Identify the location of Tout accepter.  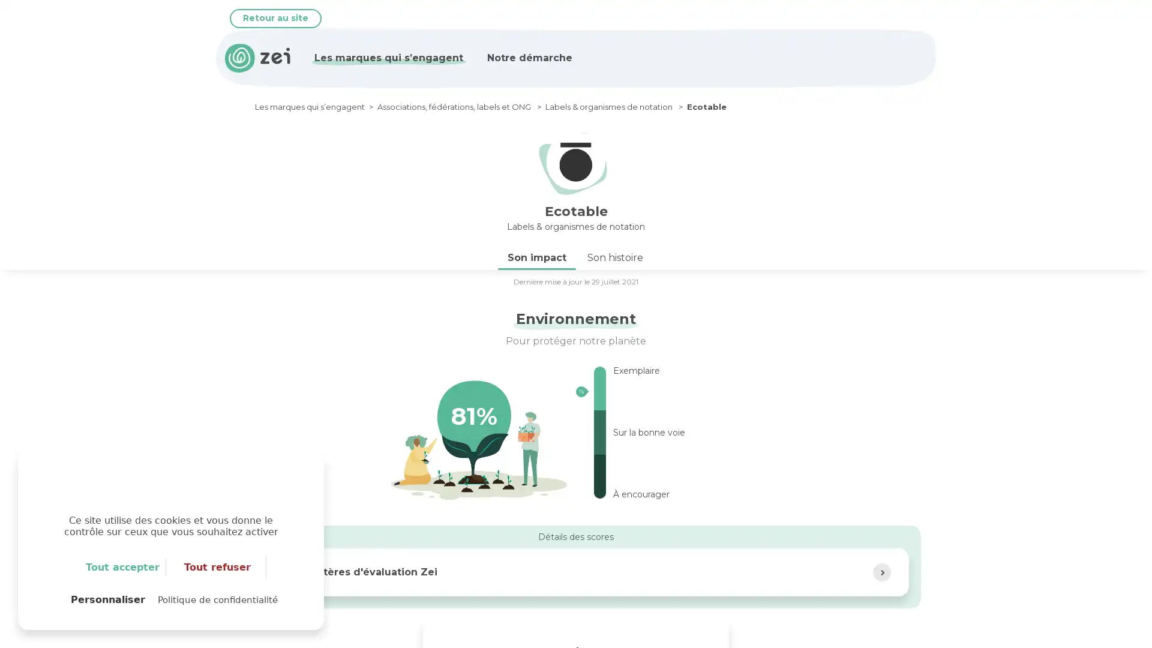
(123, 567).